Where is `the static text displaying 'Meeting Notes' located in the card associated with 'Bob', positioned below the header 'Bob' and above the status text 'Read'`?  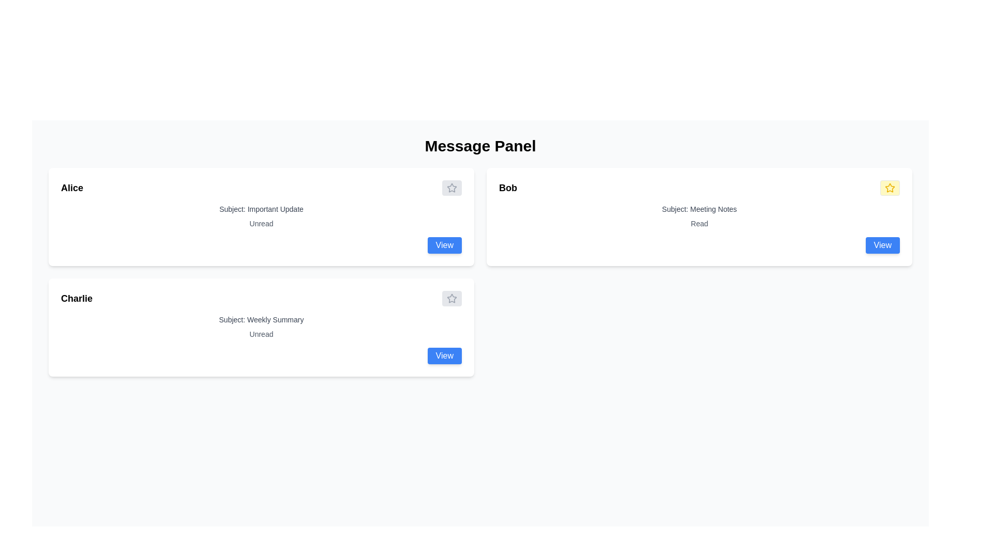
the static text displaying 'Meeting Notes' located in the card associated with 'Bob', positioned below the header 'Bob' and above the status text 'Read' is located at coordinates (699, 209).